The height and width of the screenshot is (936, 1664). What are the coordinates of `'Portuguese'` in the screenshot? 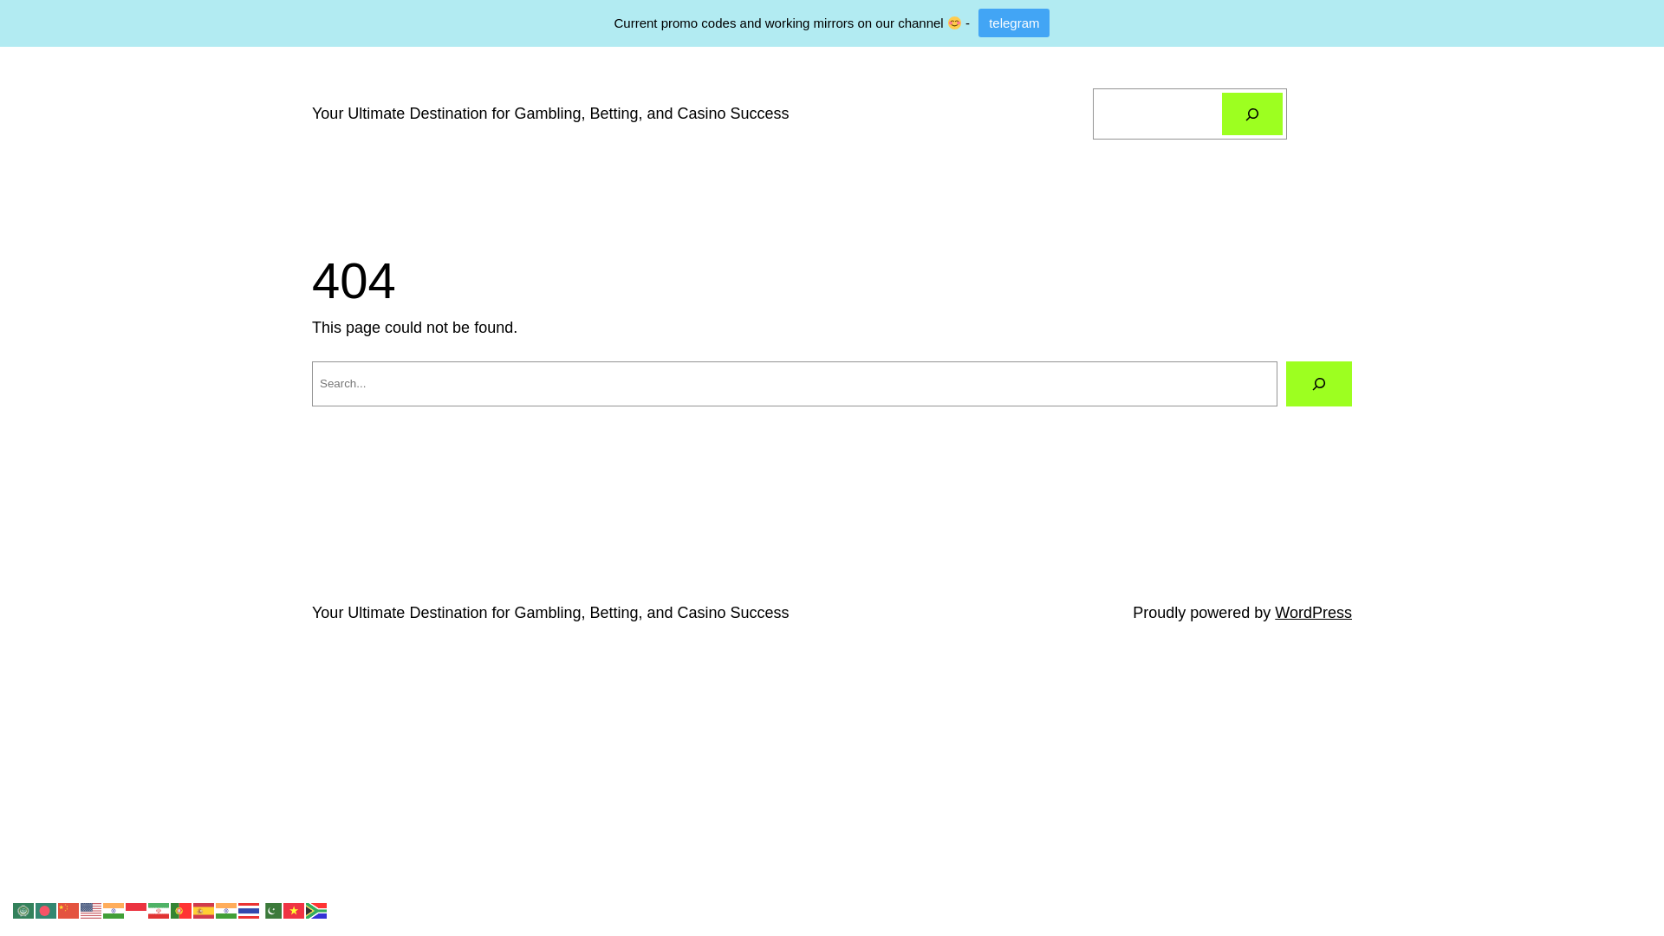 It's located at (182, 908).